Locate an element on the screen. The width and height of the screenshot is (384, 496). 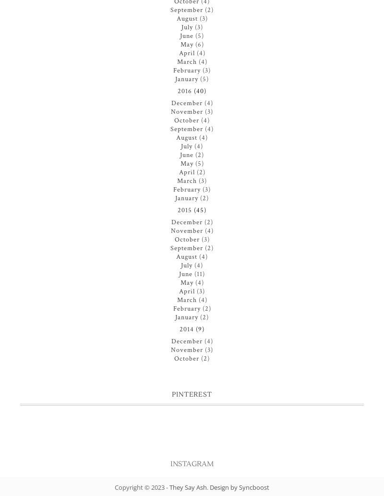
'-' is located at coordinates (167, 487).